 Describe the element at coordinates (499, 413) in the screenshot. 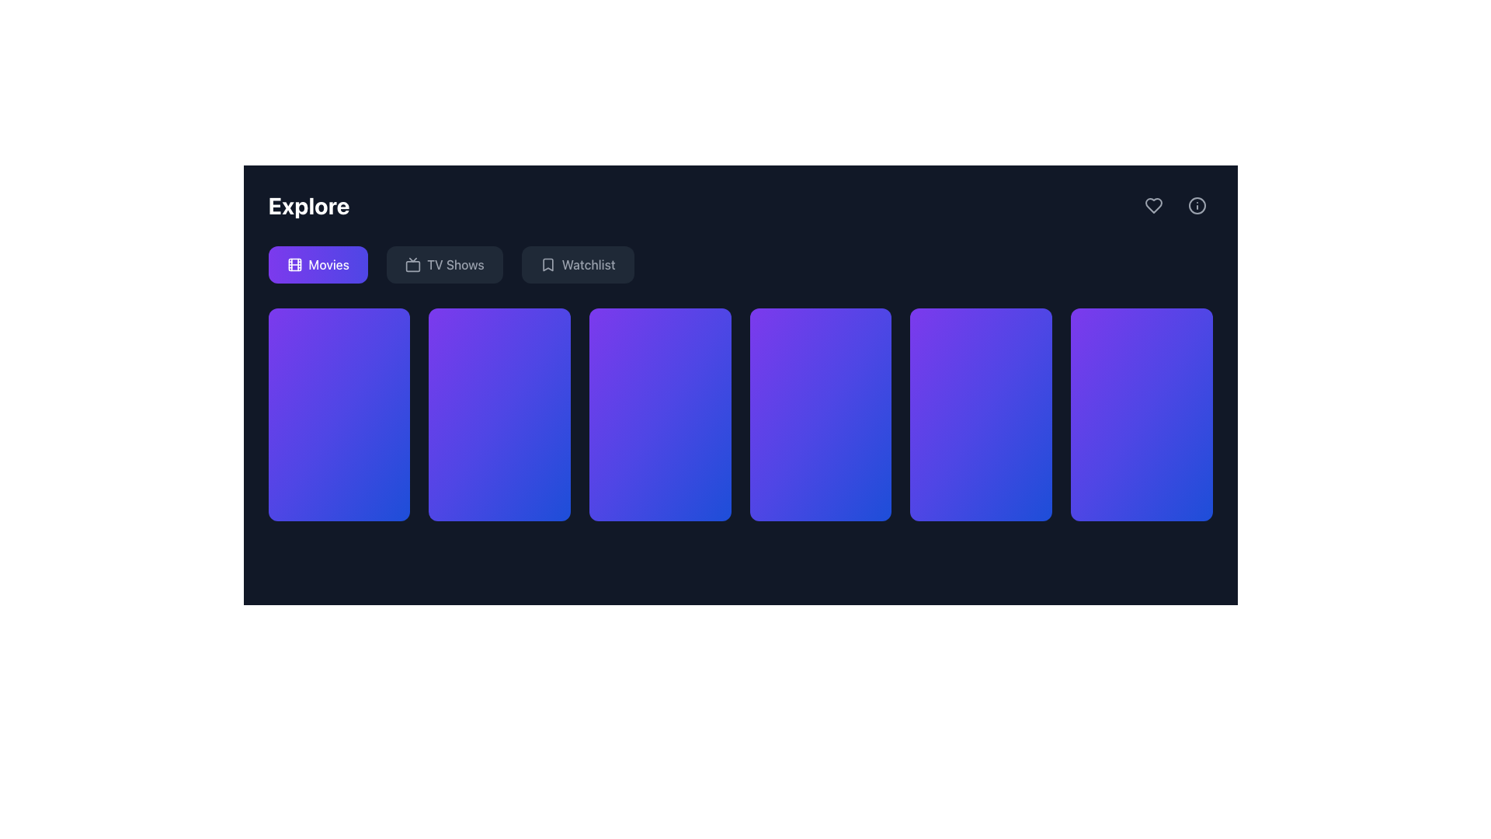

I see `the interactive card or tile that is the second item in a grid of two rows and six columns, located in the top row, immediately to the right of the first rectangle` at that location.